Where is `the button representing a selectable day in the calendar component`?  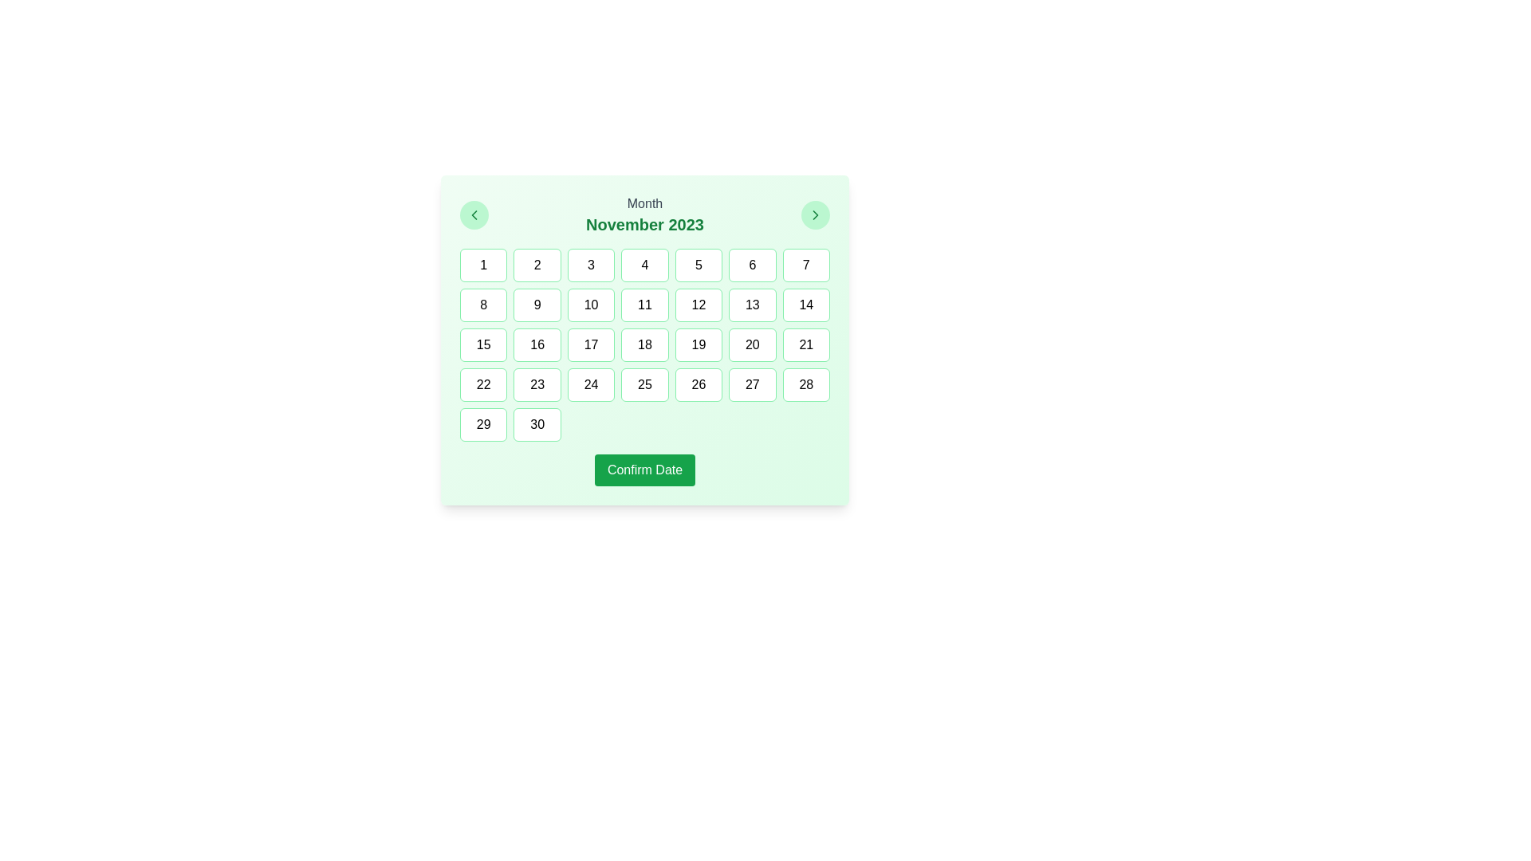 the button representing a selectable day in the calendar component is located at coordinates (698, 264).